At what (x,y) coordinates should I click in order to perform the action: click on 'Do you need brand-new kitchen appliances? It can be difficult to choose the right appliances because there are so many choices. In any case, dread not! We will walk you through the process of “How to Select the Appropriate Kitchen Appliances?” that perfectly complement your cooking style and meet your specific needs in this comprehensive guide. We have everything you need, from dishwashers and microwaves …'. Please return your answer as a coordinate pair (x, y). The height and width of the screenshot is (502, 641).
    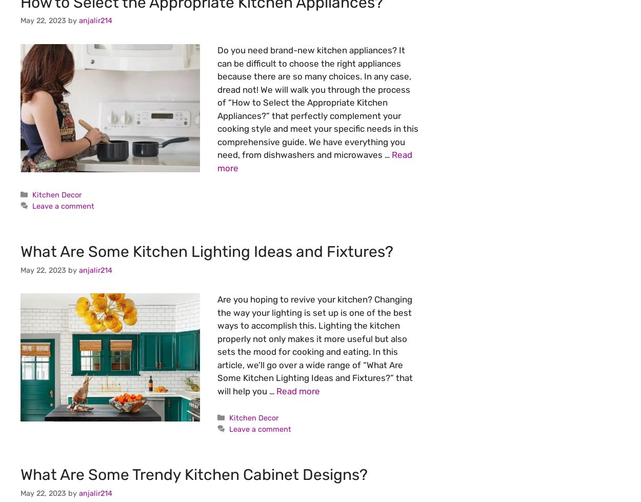
    Looking at the image, I should click on (317, 103).